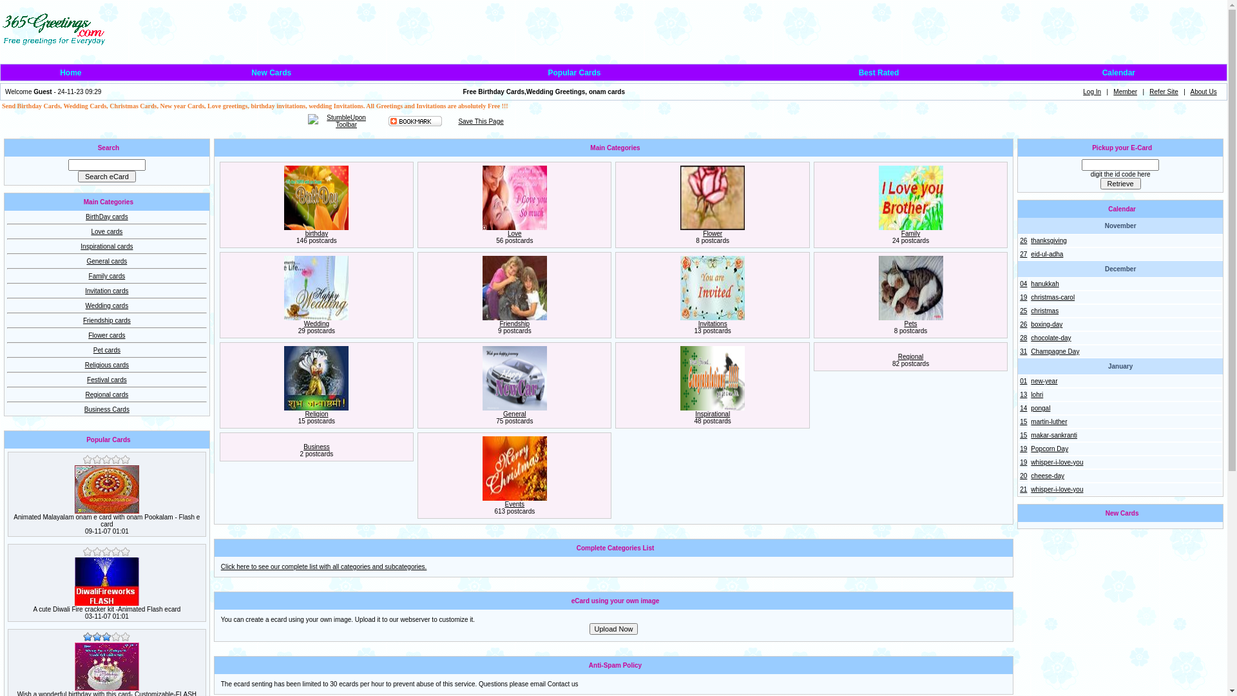  Describe the element at coordinates (1044, 311) in the screenshot. I see `'christmas'` at that location.